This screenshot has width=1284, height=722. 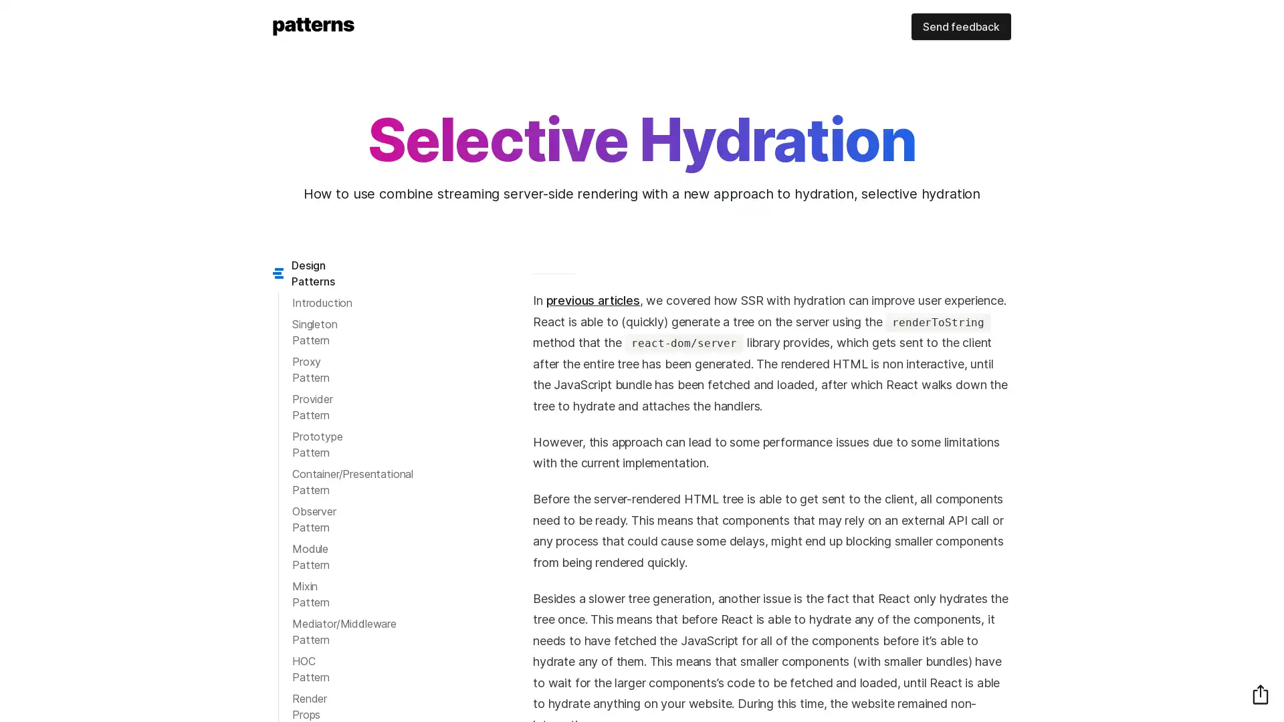 I want to click on Share, so click(x=1260, y=693).